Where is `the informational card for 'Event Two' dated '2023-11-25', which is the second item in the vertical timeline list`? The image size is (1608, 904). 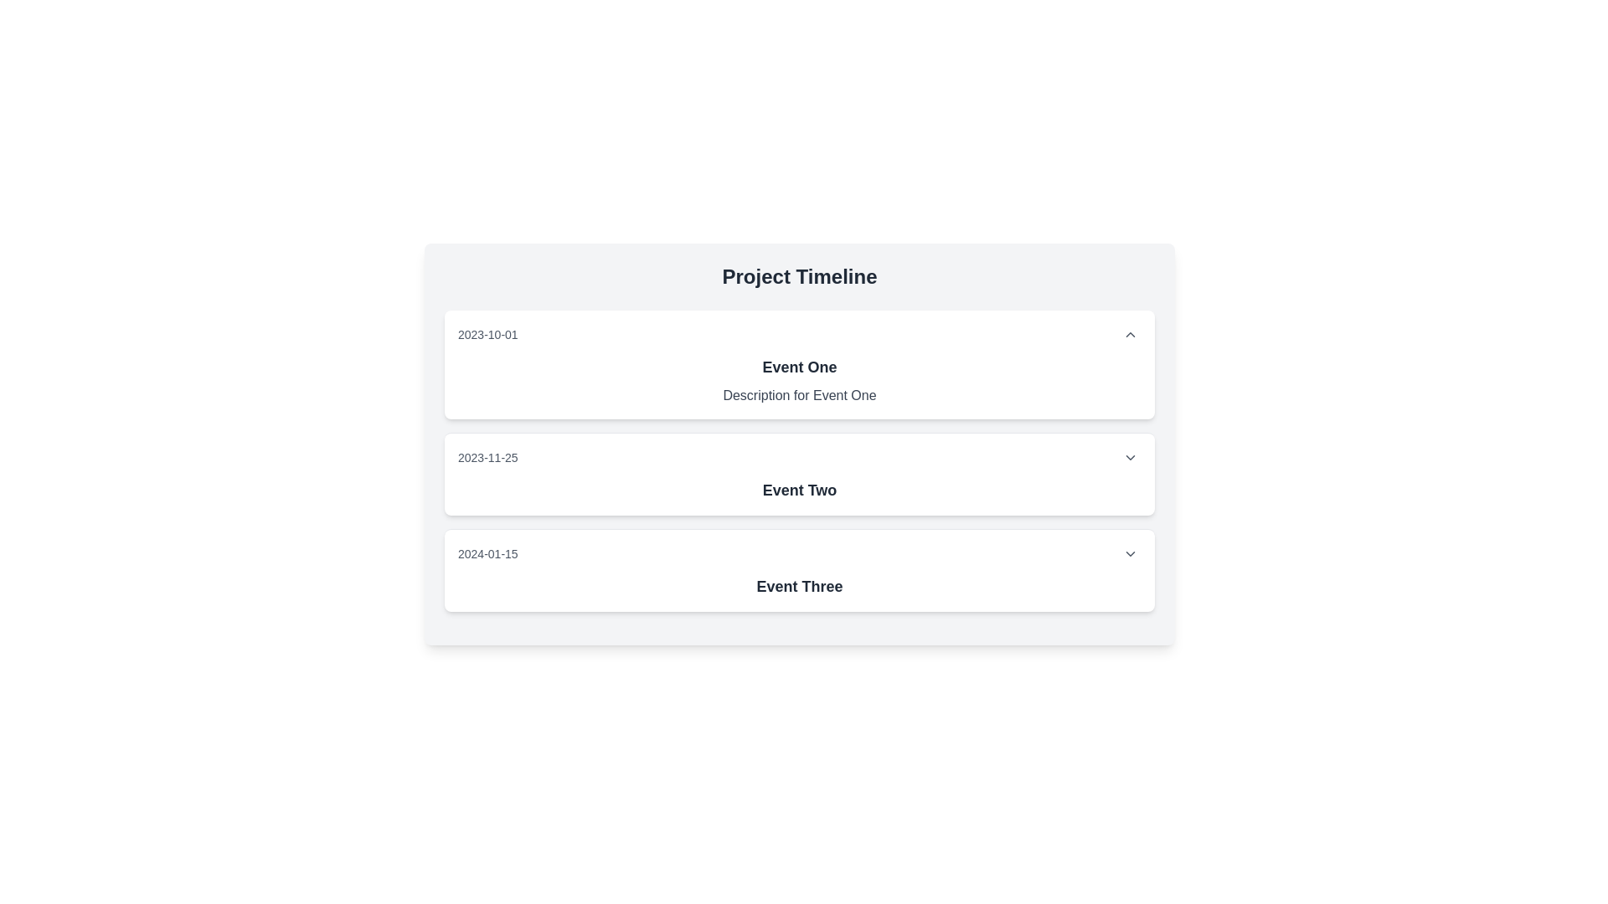 the informational card for 'Event Two' dated '2023-11-25', which is the second item in the vertical timeline list is located at coordinates (799, 474).